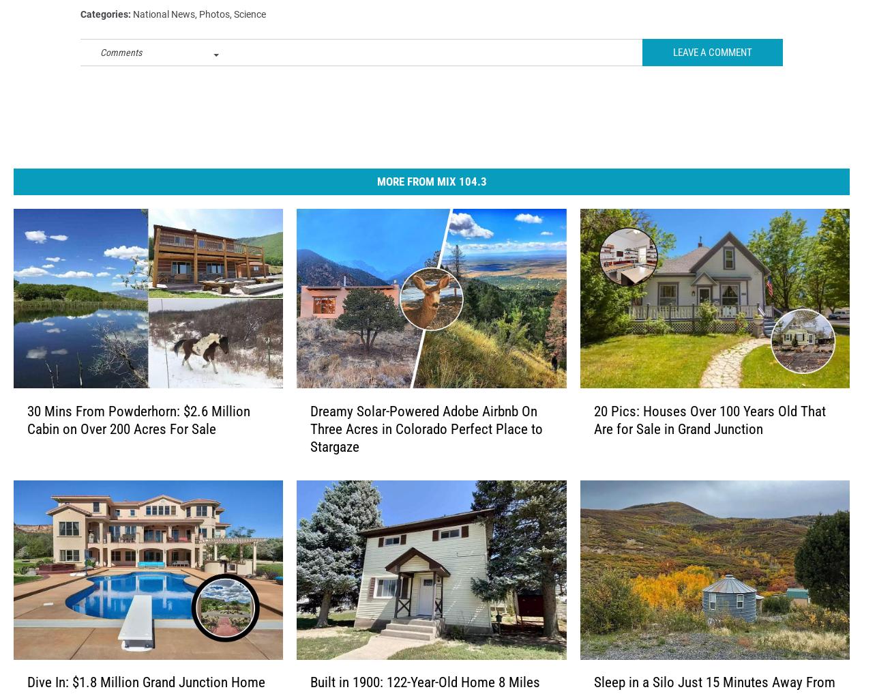  What do you see at coordinates (214, 34) in the screenshot?
I see `'Photos'` at bounding box center [214, 34].